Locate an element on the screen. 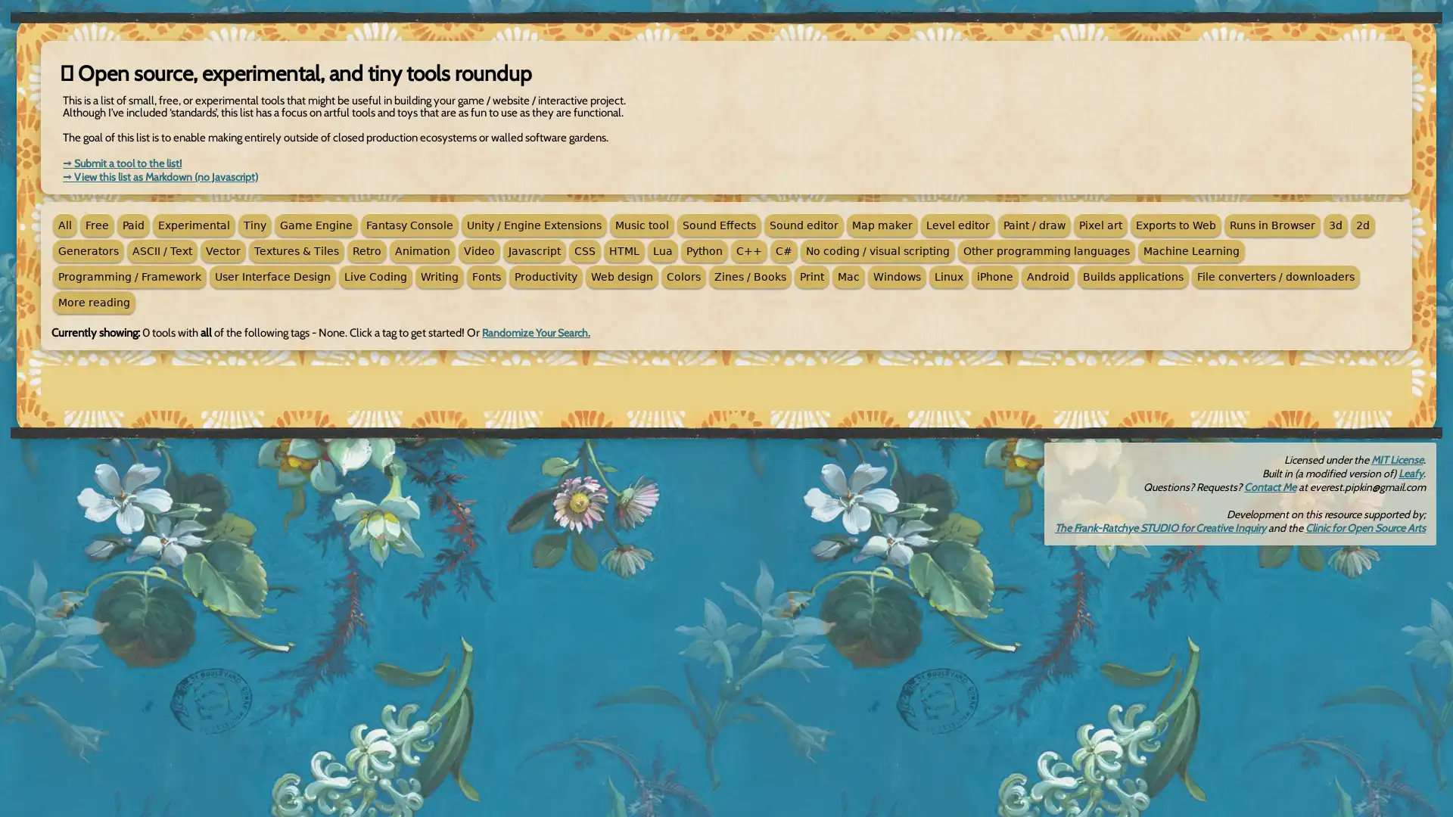 The image size is (1453, 817). Generators is located at coordinates (87, 250).